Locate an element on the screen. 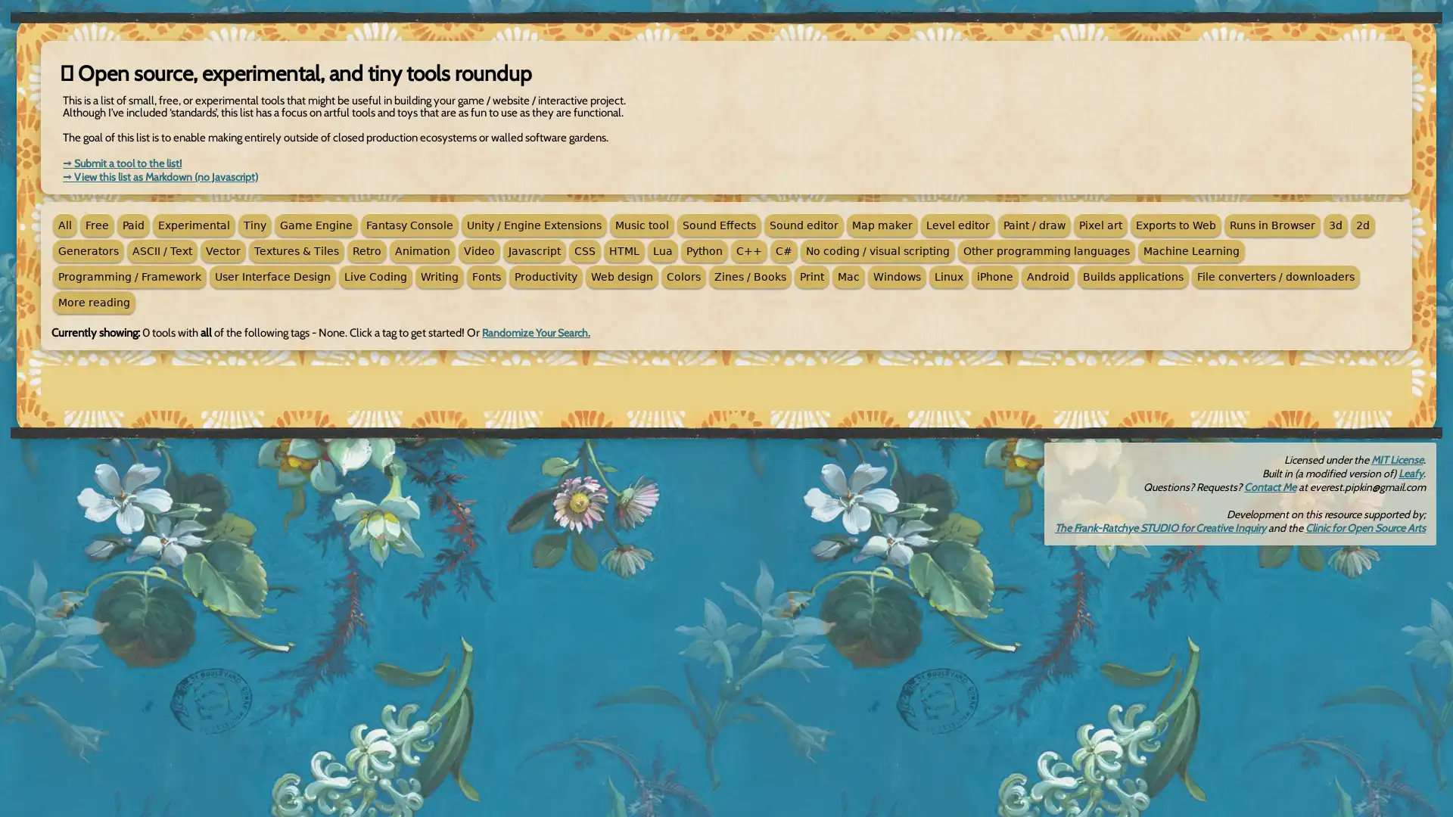 The image size is (1453, 817). Generators is located at coordinates (87, 250).